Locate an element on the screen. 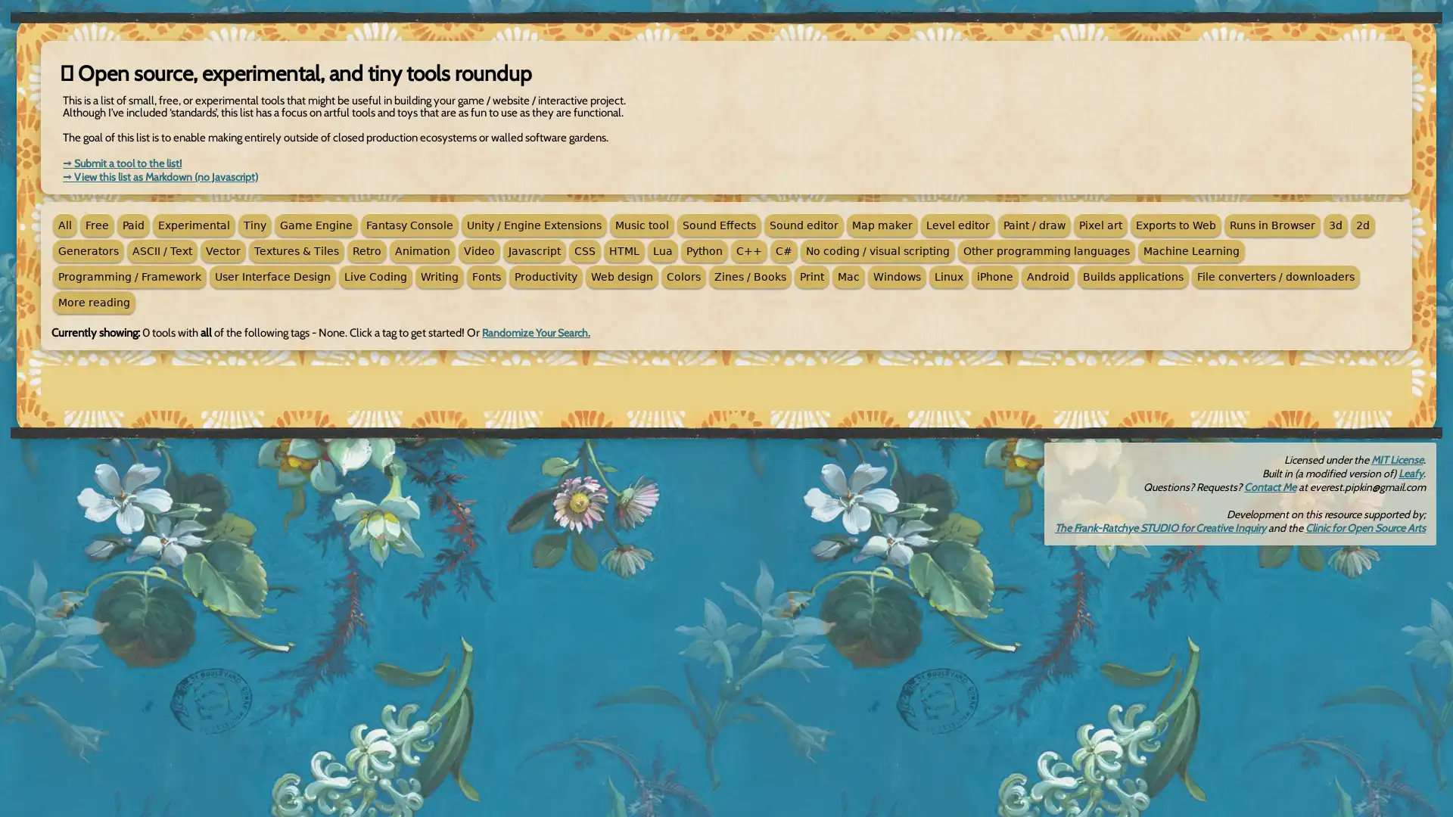 The image size is (1453, 817). Generators is located at coordinates (87, 250).